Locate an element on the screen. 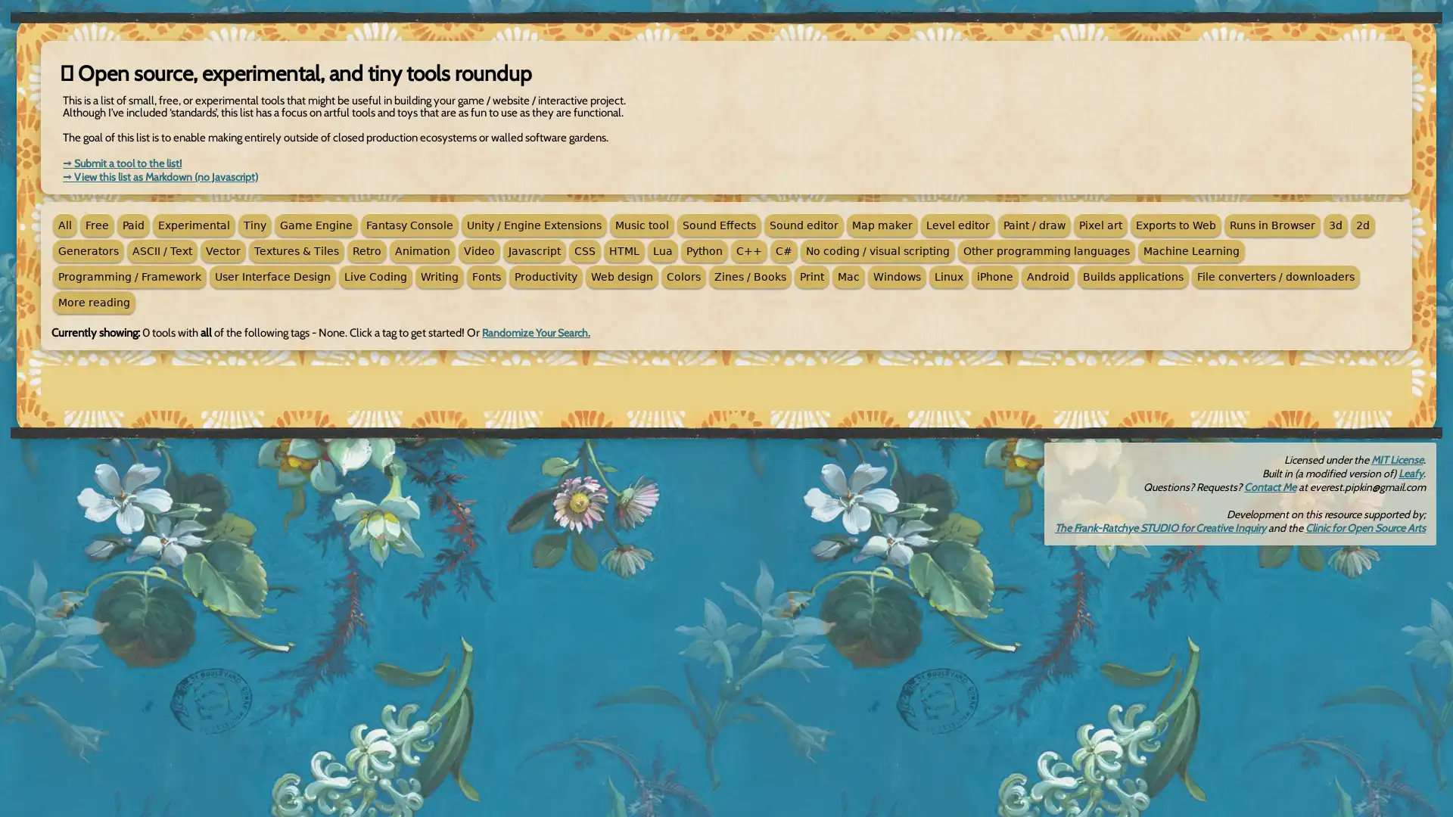 The image size is (1453, 817). Generators is located at coordinates (87, 250).